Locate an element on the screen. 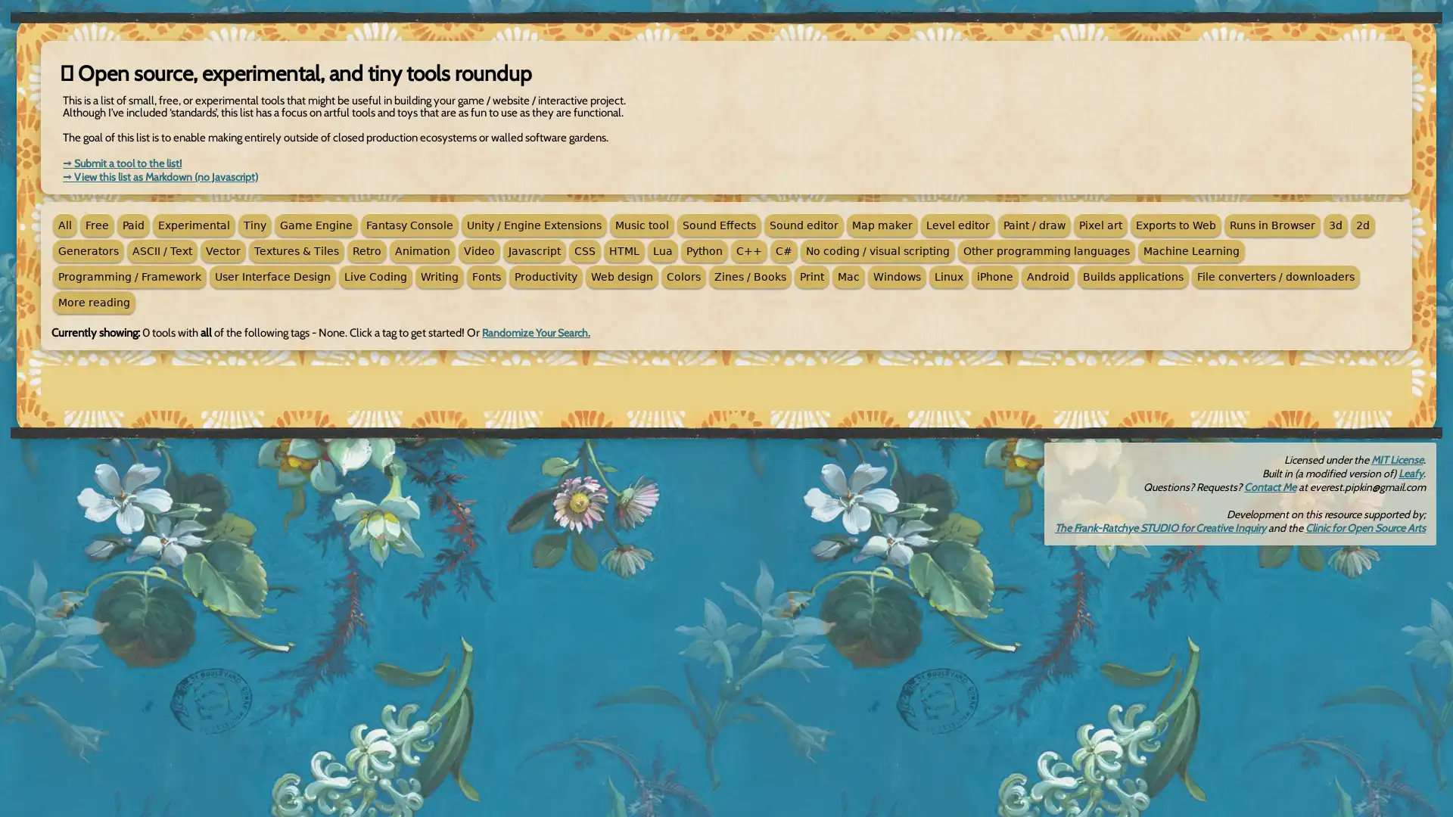 The image size is (1453, 817). Generators is located at coordinates (87, 250).